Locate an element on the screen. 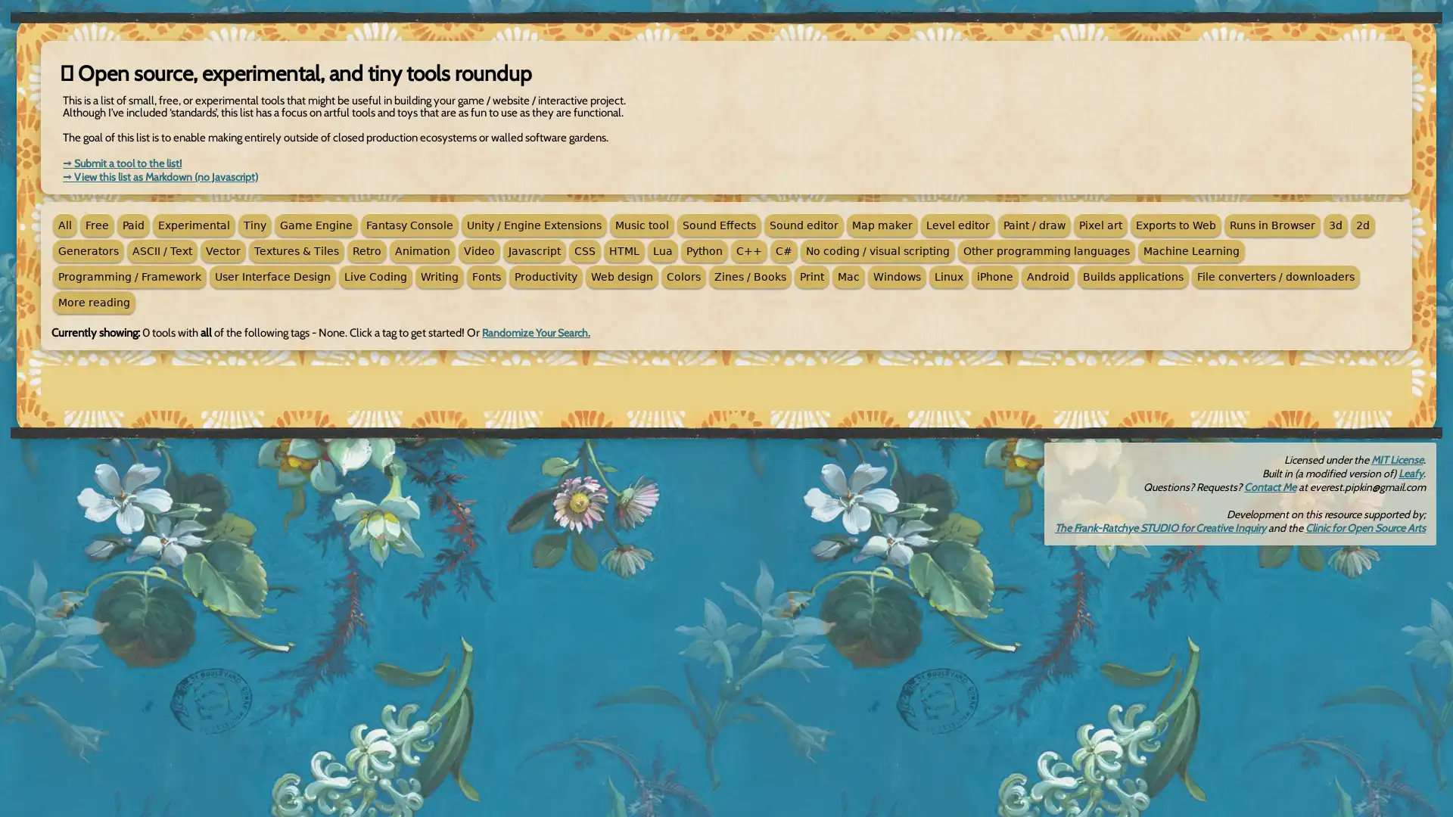 The image size is (1453, 817). Generators is located at coordinates (87, 250).